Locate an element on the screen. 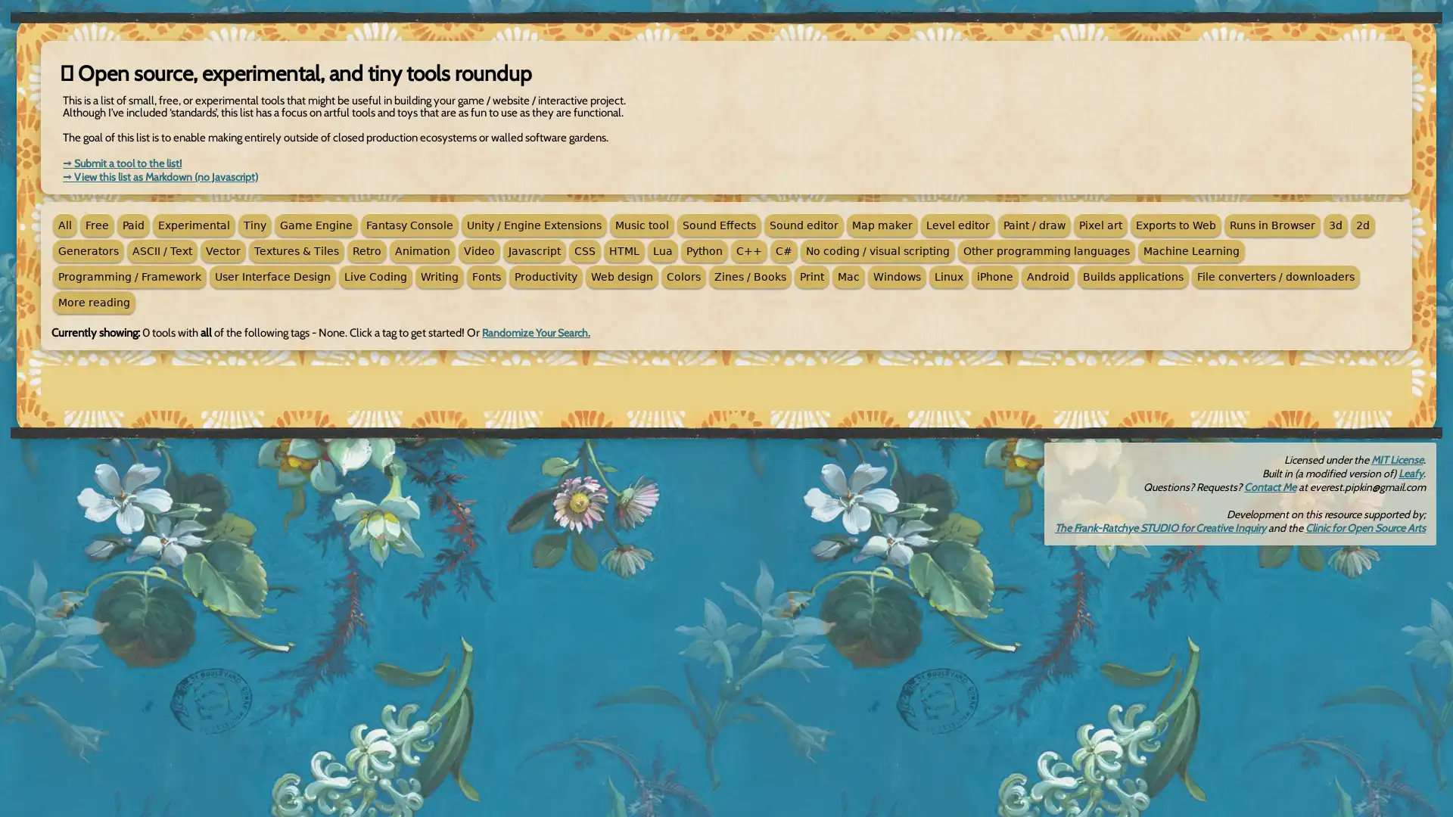 The image size is (1453, 817). Generators is located at coordinates (87, 250).